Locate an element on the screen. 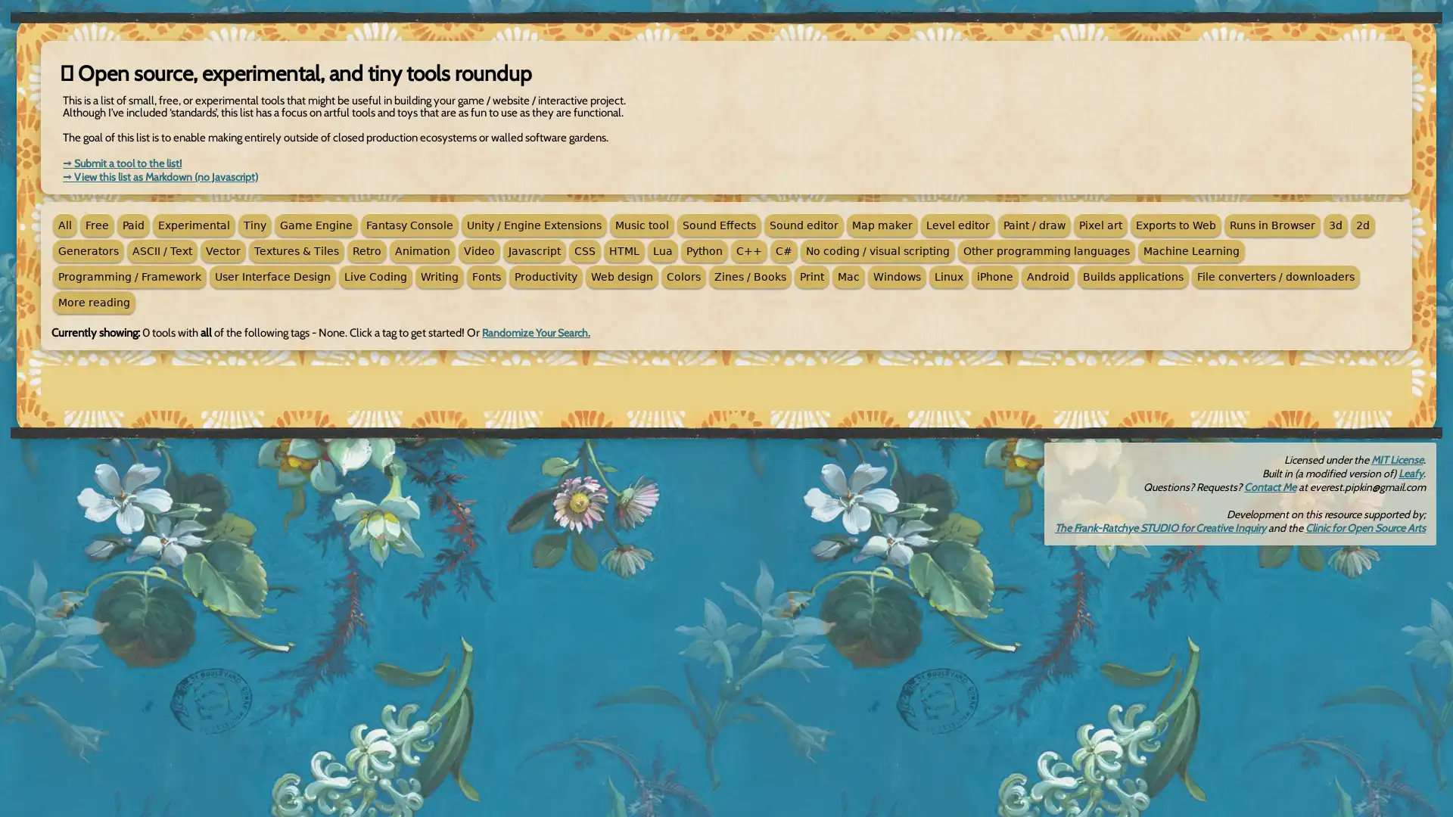 The image size is (1453, 817). Generators is located at coordinates (87, 250).